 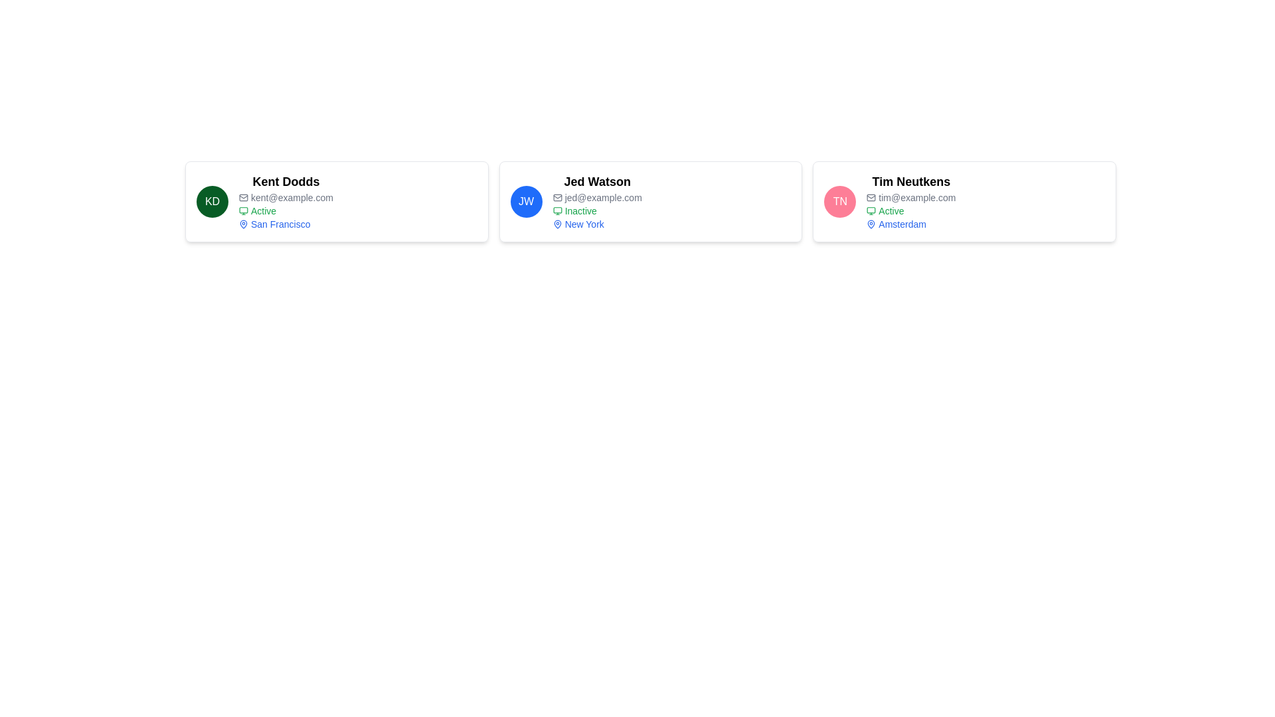 What do you see at coordinates (596, 197) in the screenshot?
I see `the text label displaying the email address of Jed Watson, positioned below his main title and above the 'Inactive' status text` at bounding box center [596, 197].